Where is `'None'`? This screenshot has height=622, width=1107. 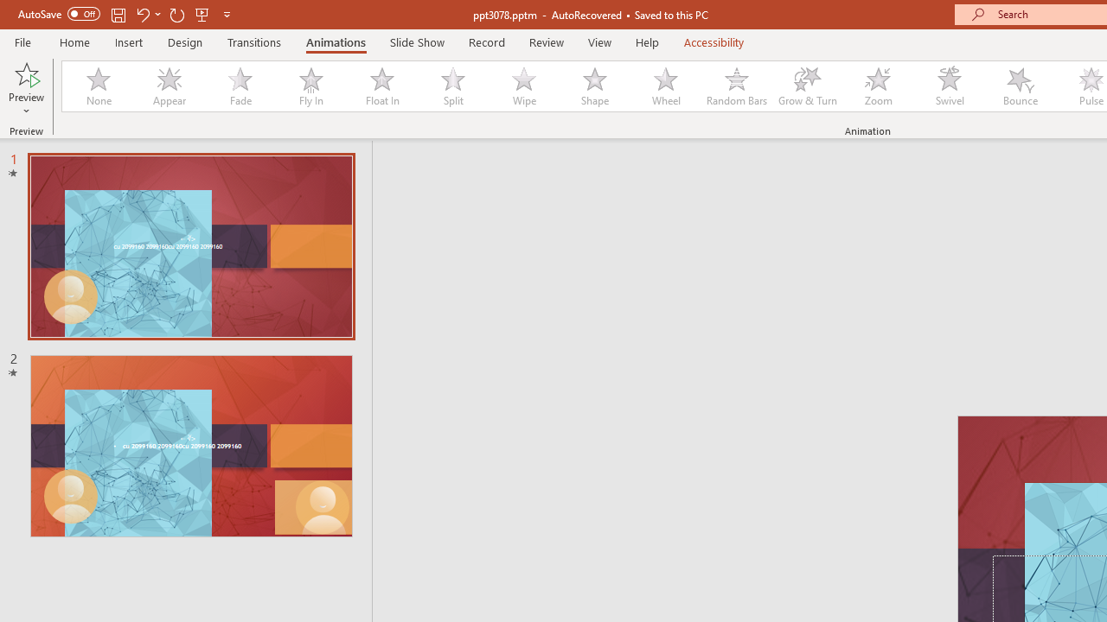
'None' is located at coordinates (97, 86).